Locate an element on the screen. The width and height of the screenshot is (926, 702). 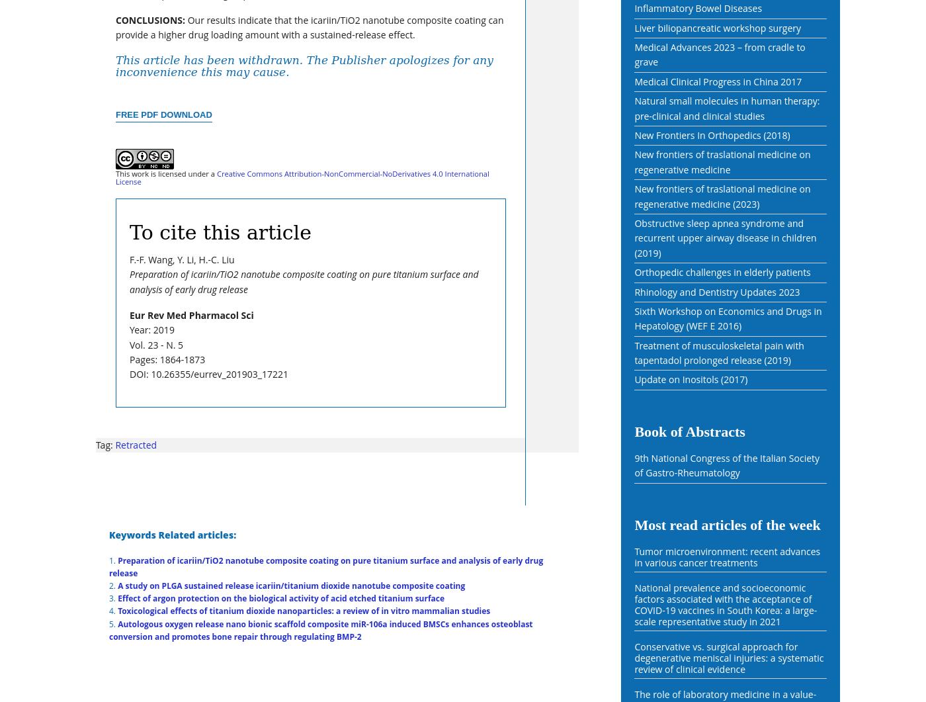
'Effect of argon protection on the biological activity of acid etched titanium surface' is located at coordinates (280, 597).